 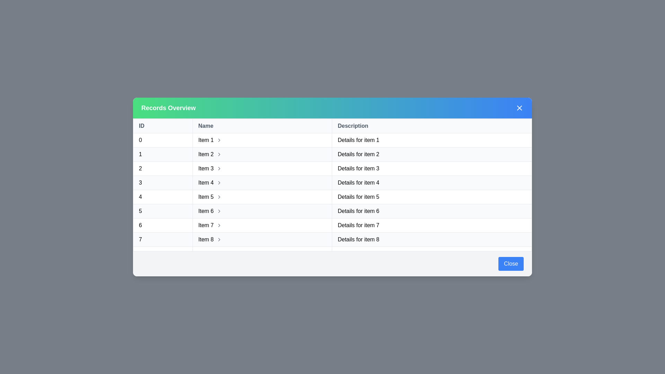 I want to click on the 'Close' button to close the dialog, so click(x=511, y=264).